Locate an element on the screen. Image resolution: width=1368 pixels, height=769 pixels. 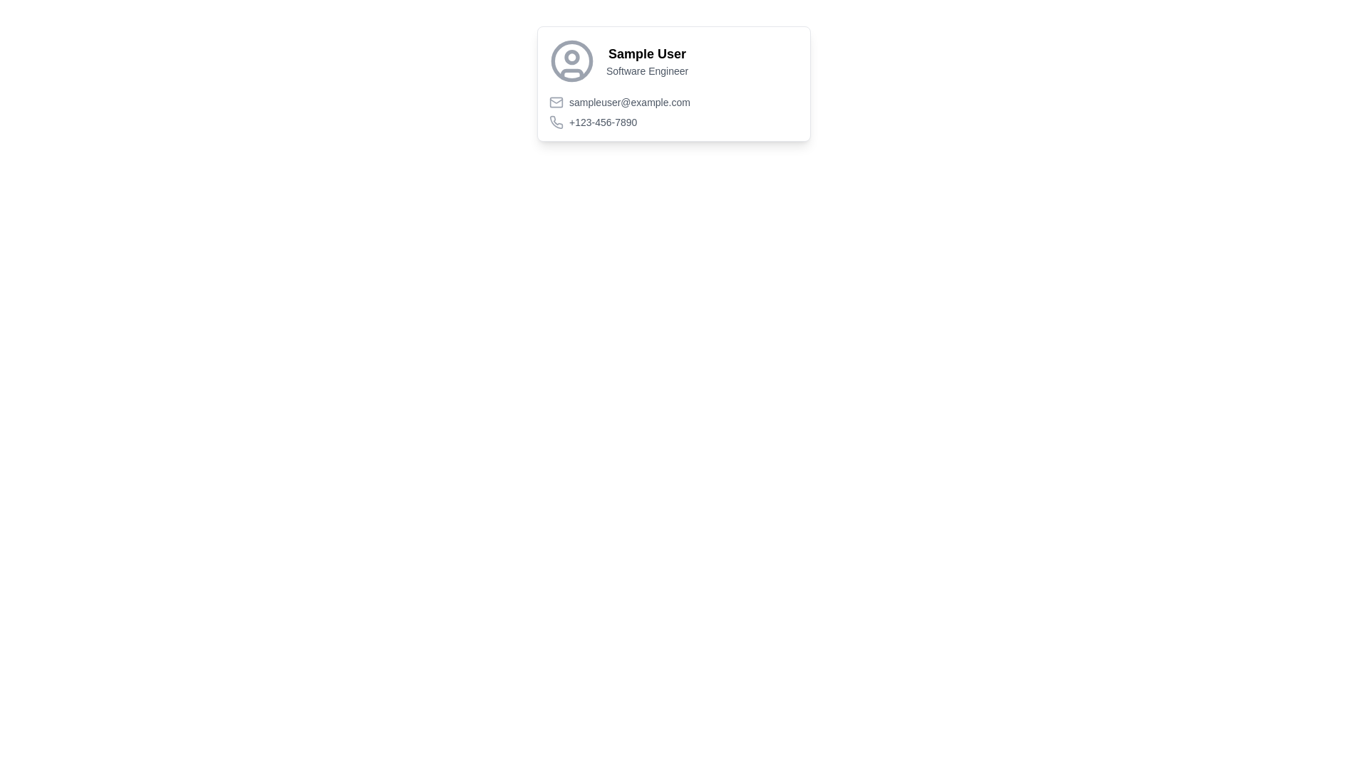
the phone icon located to the left of the phone number '+123-456-7890' in the bottom-right section of the interface is located at coordinates (556, 122).